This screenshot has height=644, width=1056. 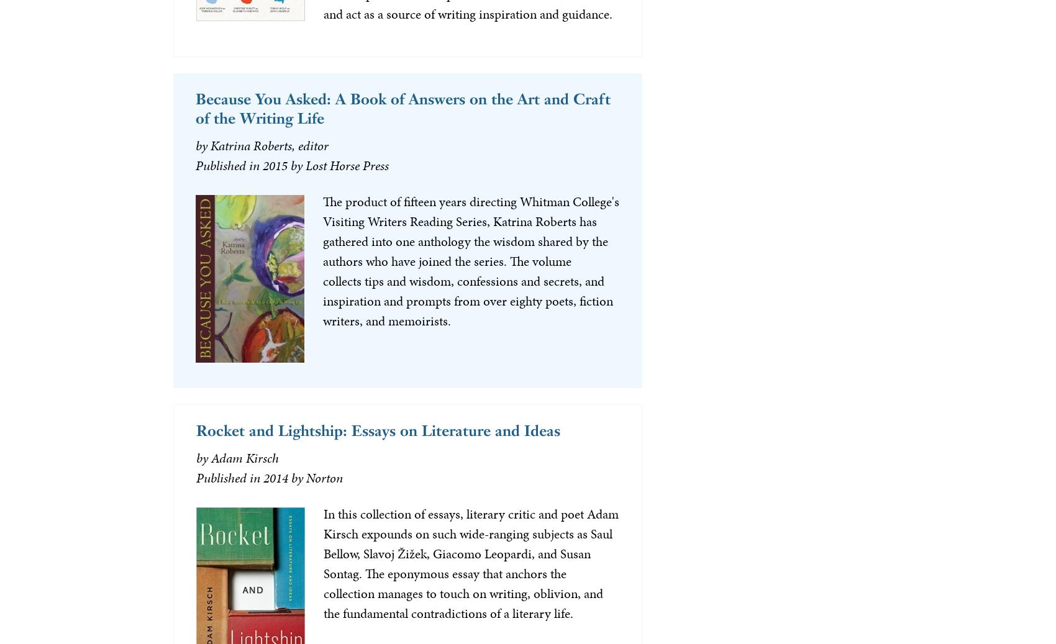 What do you see at coordinates (275, 478) in the screenshot?
I see `'2014'` at bounding box center [275, 478].